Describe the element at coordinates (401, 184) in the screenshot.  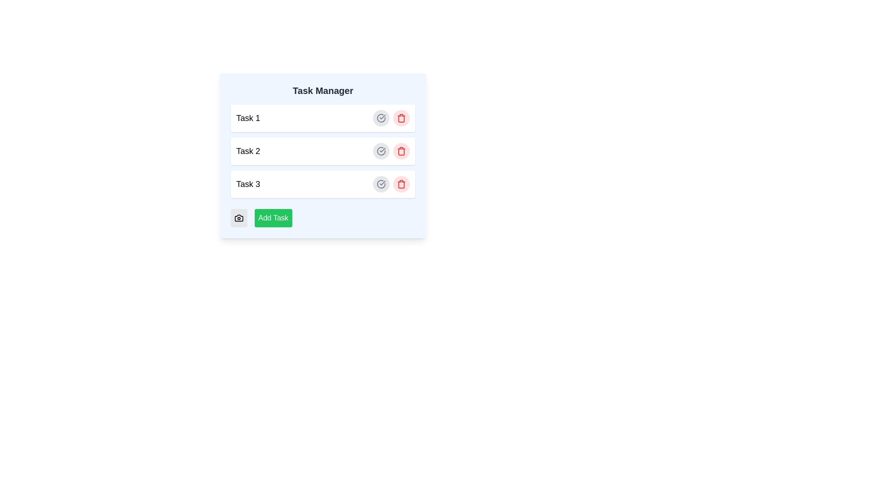
I see `the trash bin icon in the task management interface` at that location.